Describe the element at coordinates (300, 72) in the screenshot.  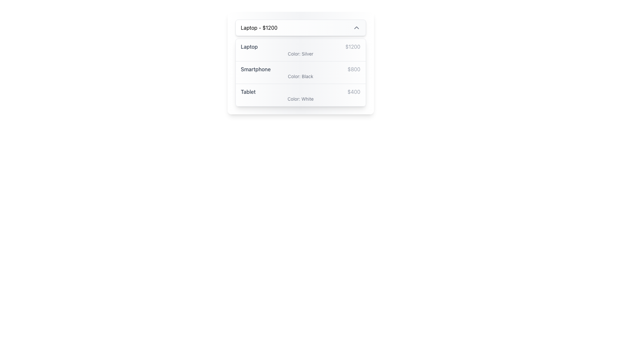
I see `the information display block for the 'Smartphone', which includes the name, price, and color description, located below the 'Laptop' listing` at that location.